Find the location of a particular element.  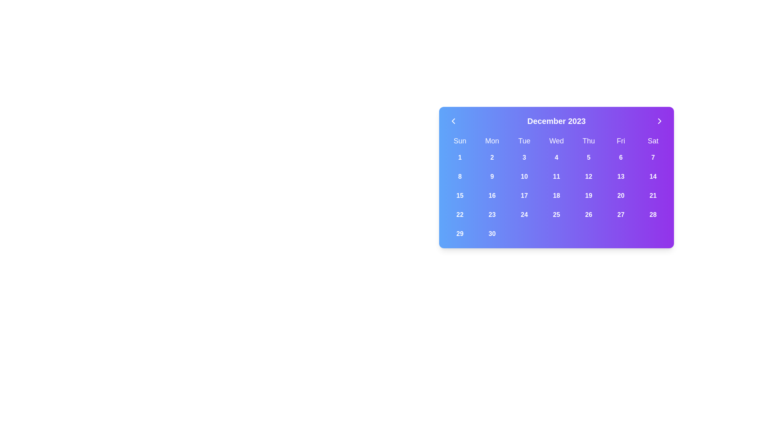

the button representing the 10th date of the month in the calendar interface is located at coordinates (524, 176).